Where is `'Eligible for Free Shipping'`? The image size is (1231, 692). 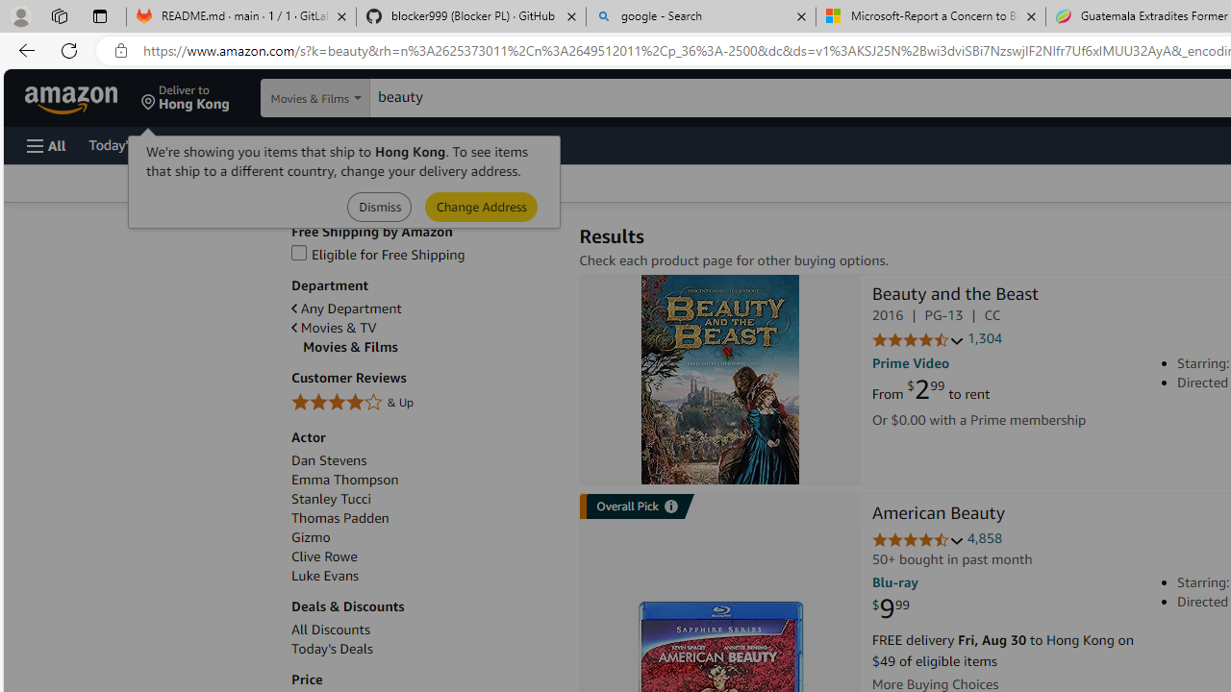 'Eligible for Free Shipping' is located at coordinates (424, 254).